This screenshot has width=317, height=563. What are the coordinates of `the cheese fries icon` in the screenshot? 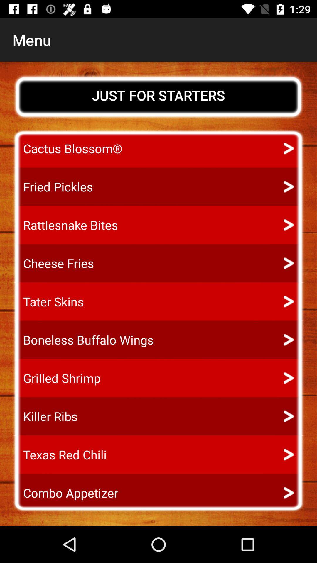 It's located at (53, 263).